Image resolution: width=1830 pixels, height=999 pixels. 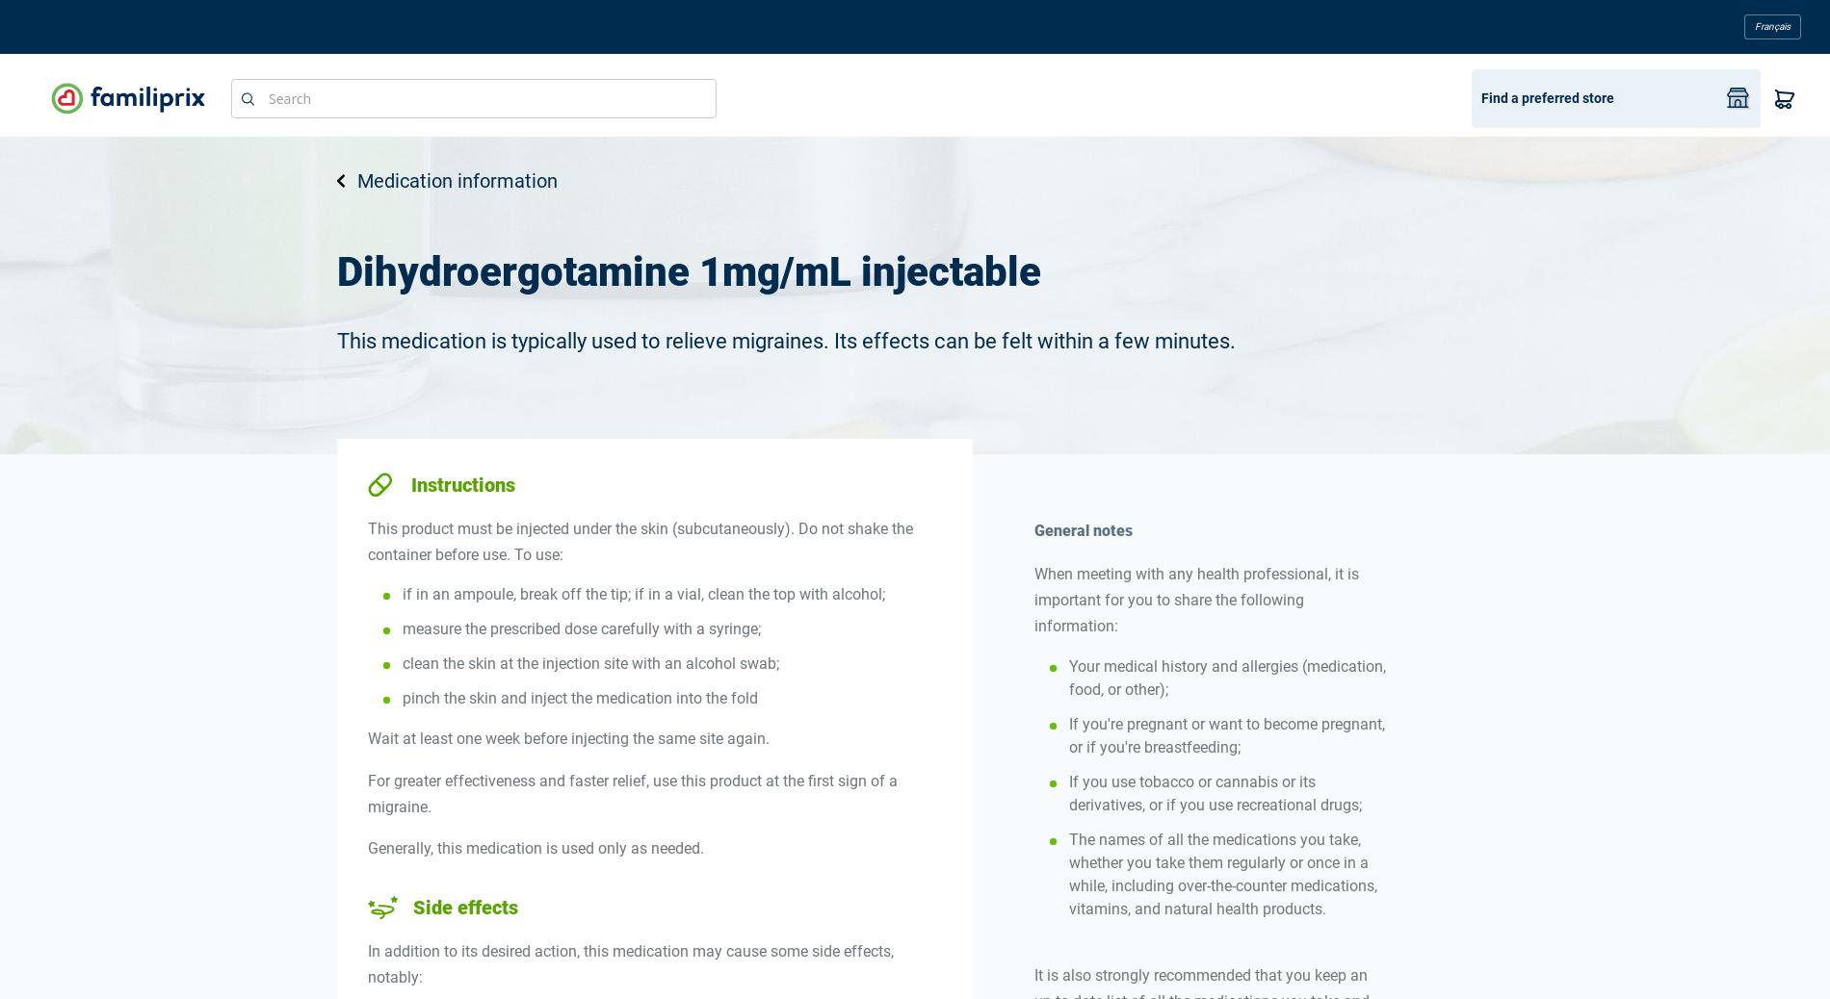 What do you see at coordinates (630, 963) in the screenshot?
I see `'In addition to its desired action, this medication may cause some side effects, notably:'` at bounding box center [630, 963].